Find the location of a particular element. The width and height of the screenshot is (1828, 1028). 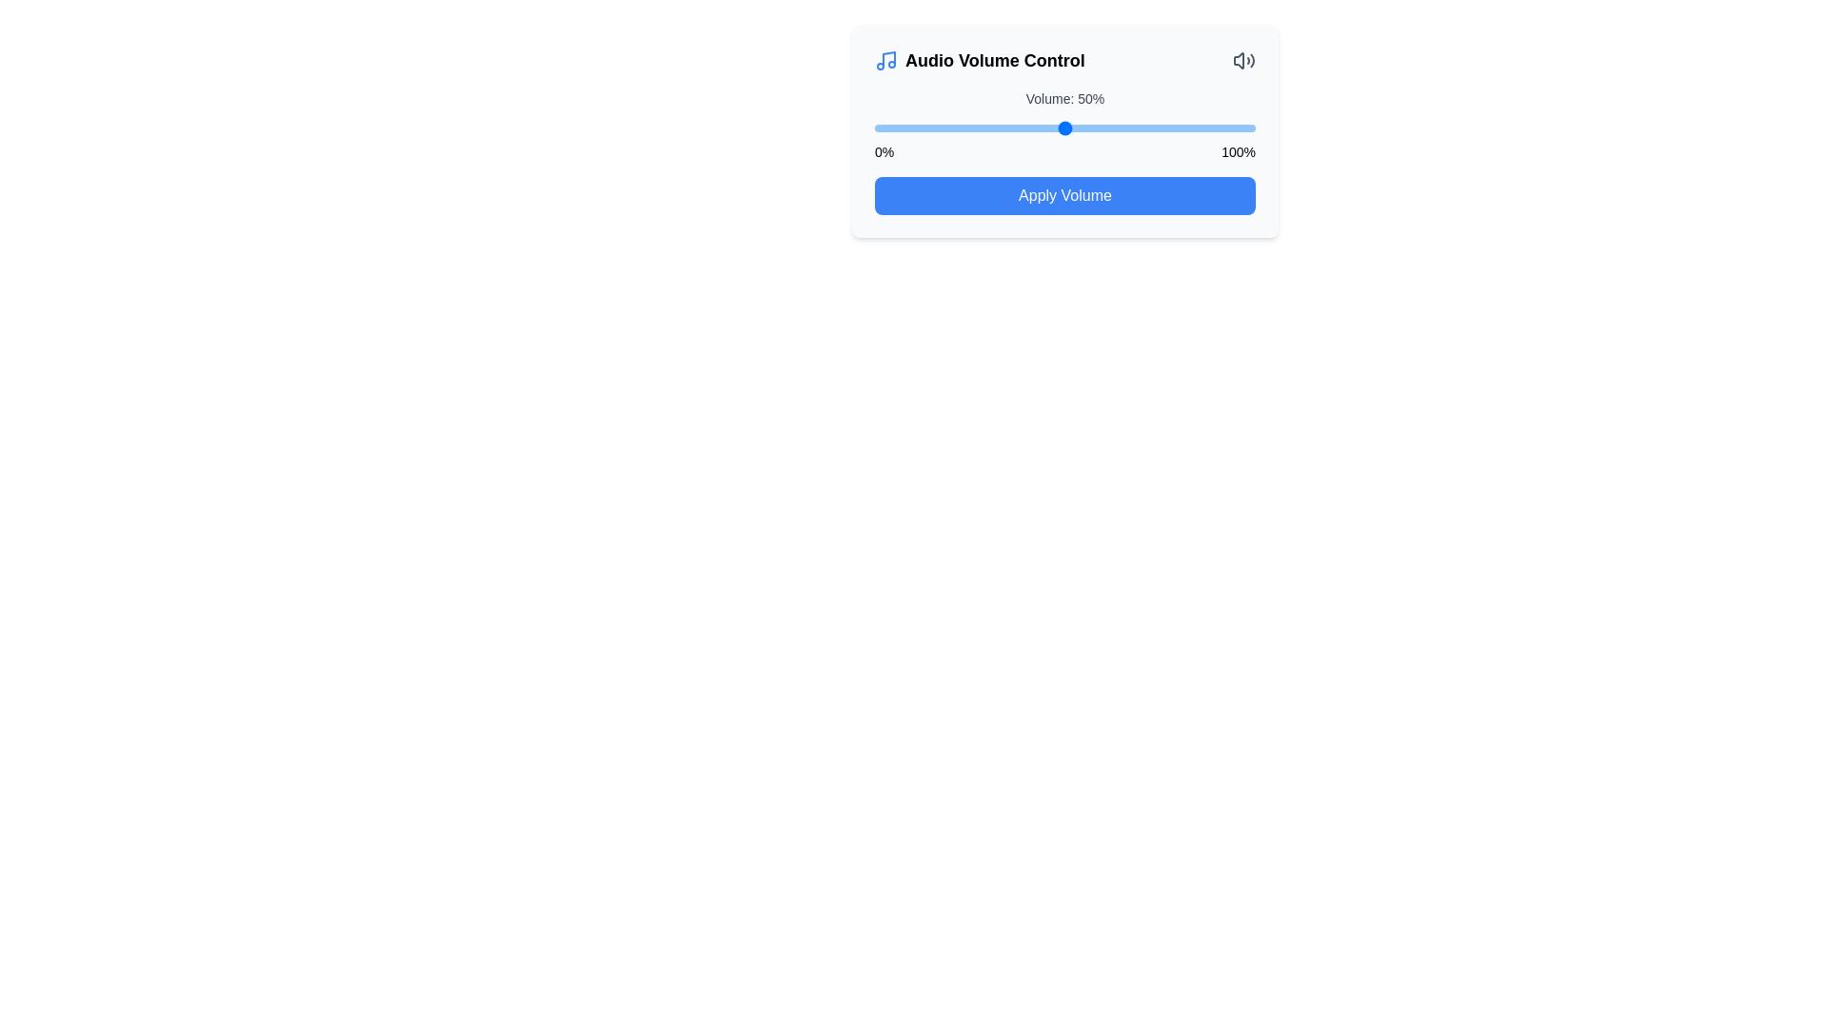

the volume level is located at coordinates (1155, 128).